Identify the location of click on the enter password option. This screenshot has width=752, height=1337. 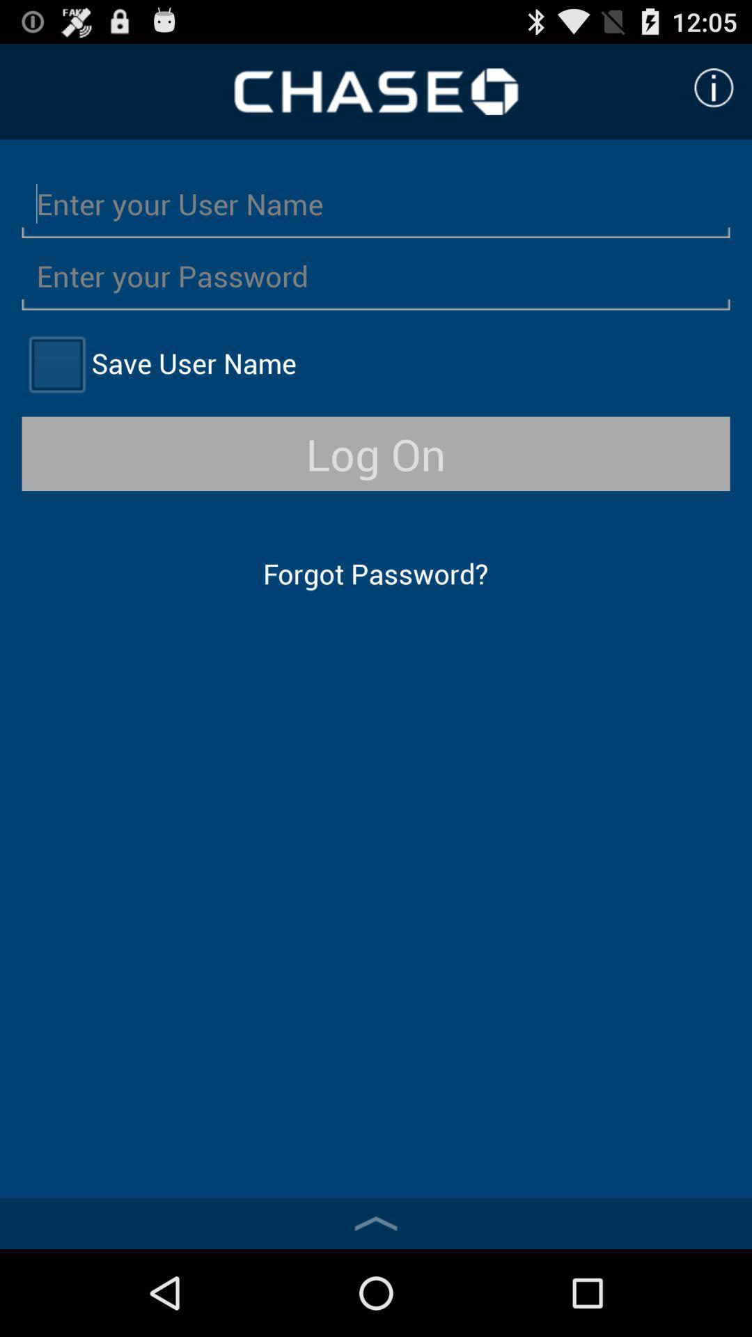
(376, 275).